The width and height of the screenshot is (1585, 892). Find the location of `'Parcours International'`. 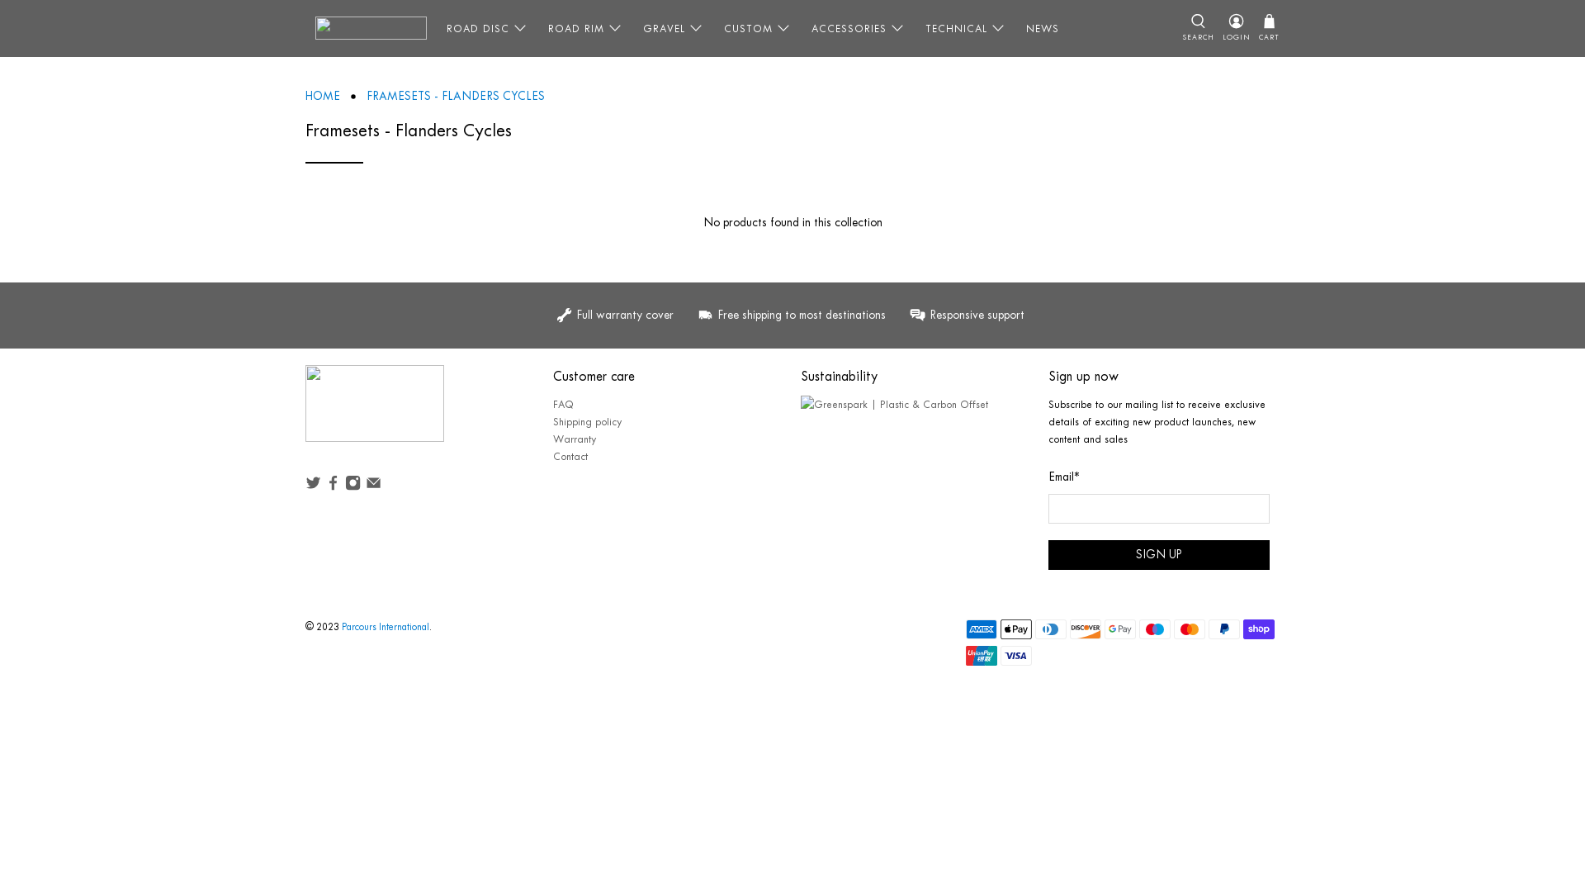

'Parcours International' is located at coordinates (370, 28).